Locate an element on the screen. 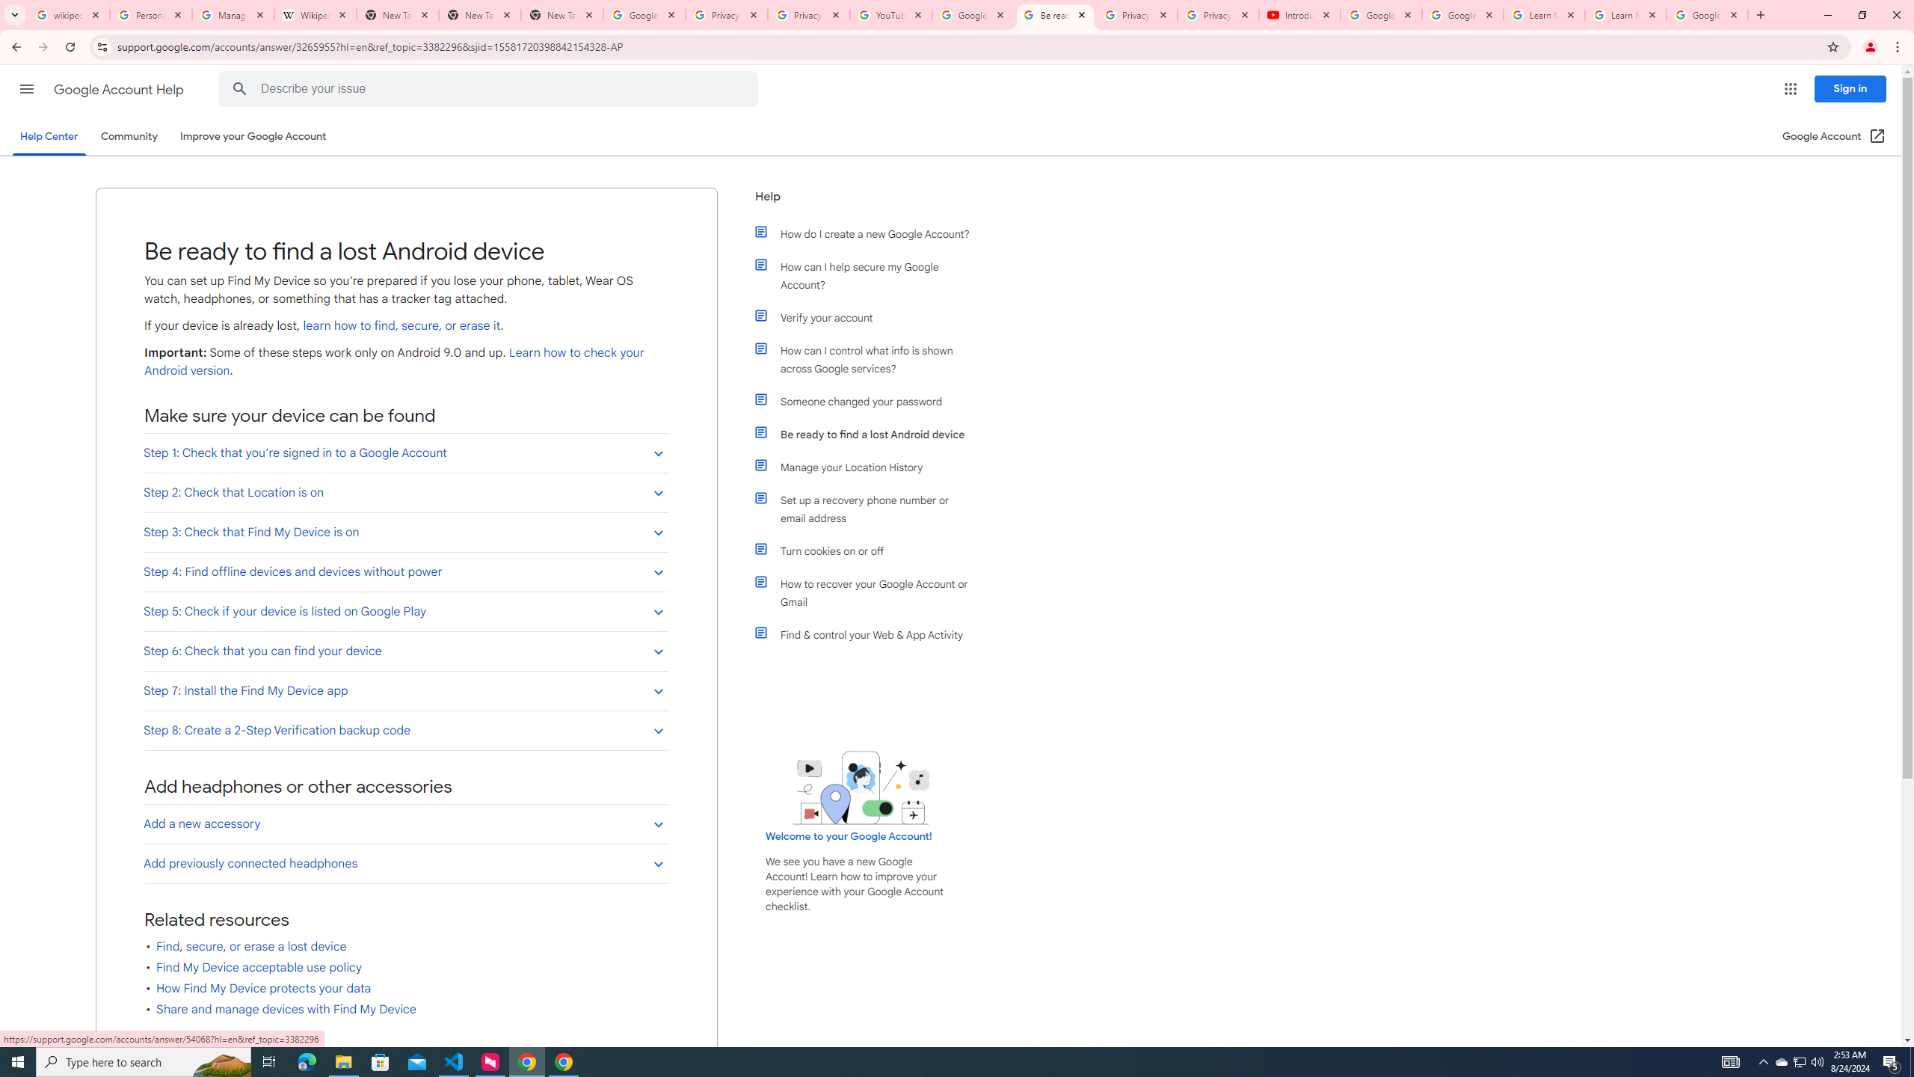 This screenshot has height=1077, width=1914. 'Step 3: Check that Find My Device is on' is located at coordinates (405, 532).